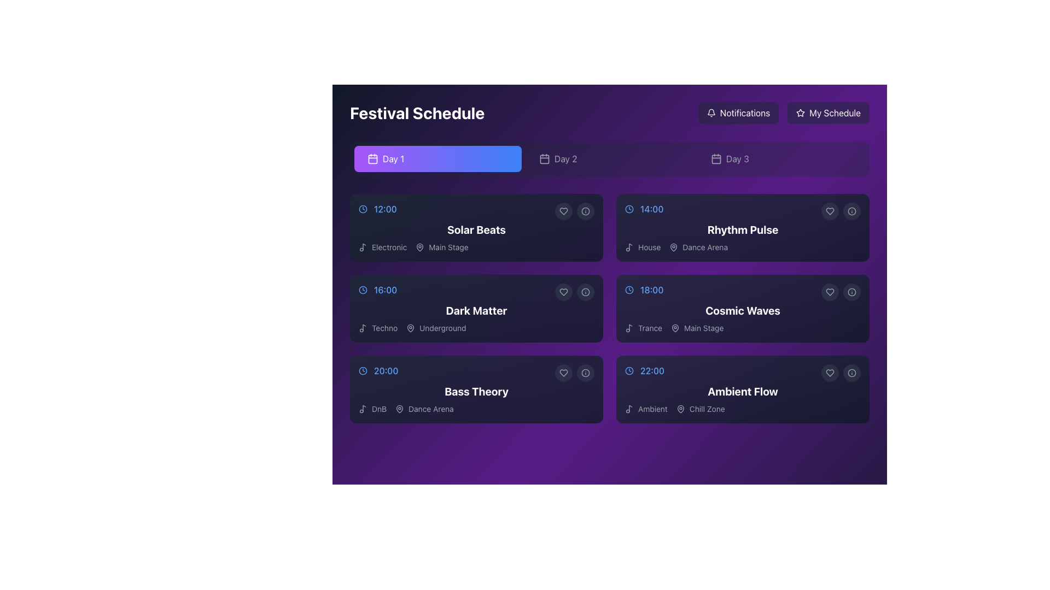 This screenshot has width=1050, height=590. Describe the element at coordinates (835, 113) in the screenshot. I see `or read the text label indicating the user's personal schedule, located in the top-right corner of the dark purple header bar, next to the Notifications button` at that location.